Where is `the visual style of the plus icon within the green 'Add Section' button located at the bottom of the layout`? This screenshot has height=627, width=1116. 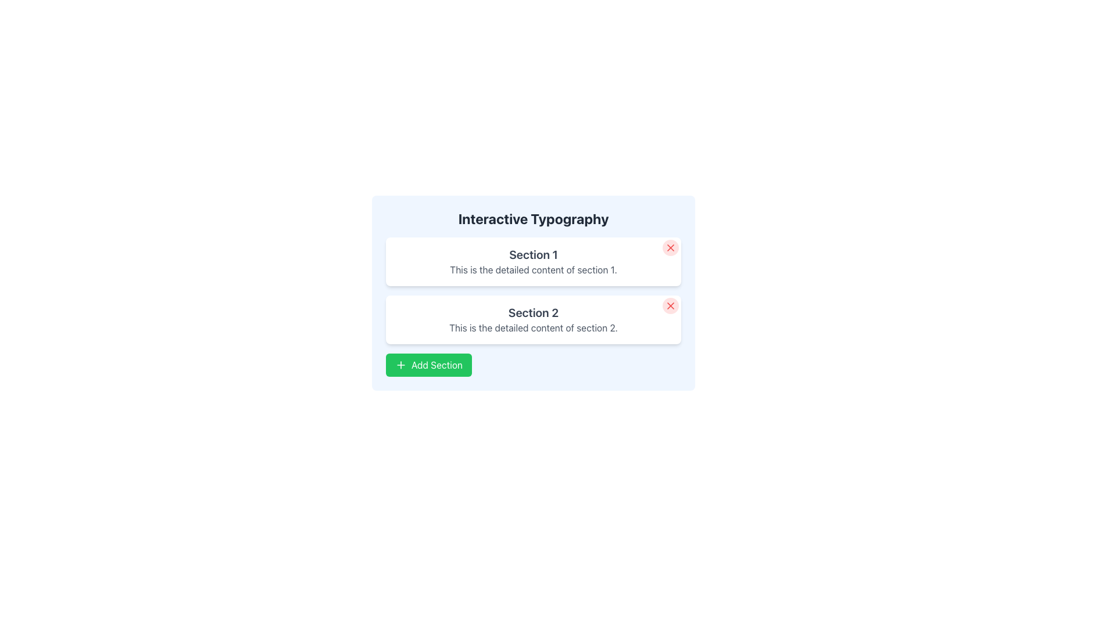 the visual style of the plus icon within the green 'Add Section' button located at the bottom of the layout is located at coordinates (401, 364).